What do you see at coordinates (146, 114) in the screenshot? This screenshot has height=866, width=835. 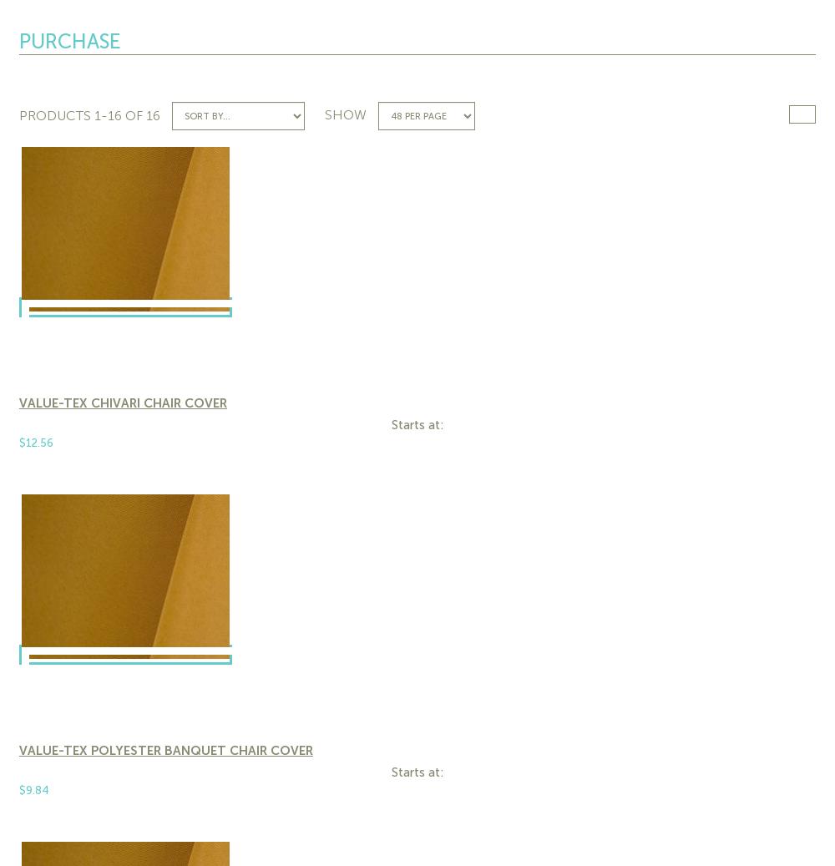 I see `'16'` at bounding box center [146, 114].